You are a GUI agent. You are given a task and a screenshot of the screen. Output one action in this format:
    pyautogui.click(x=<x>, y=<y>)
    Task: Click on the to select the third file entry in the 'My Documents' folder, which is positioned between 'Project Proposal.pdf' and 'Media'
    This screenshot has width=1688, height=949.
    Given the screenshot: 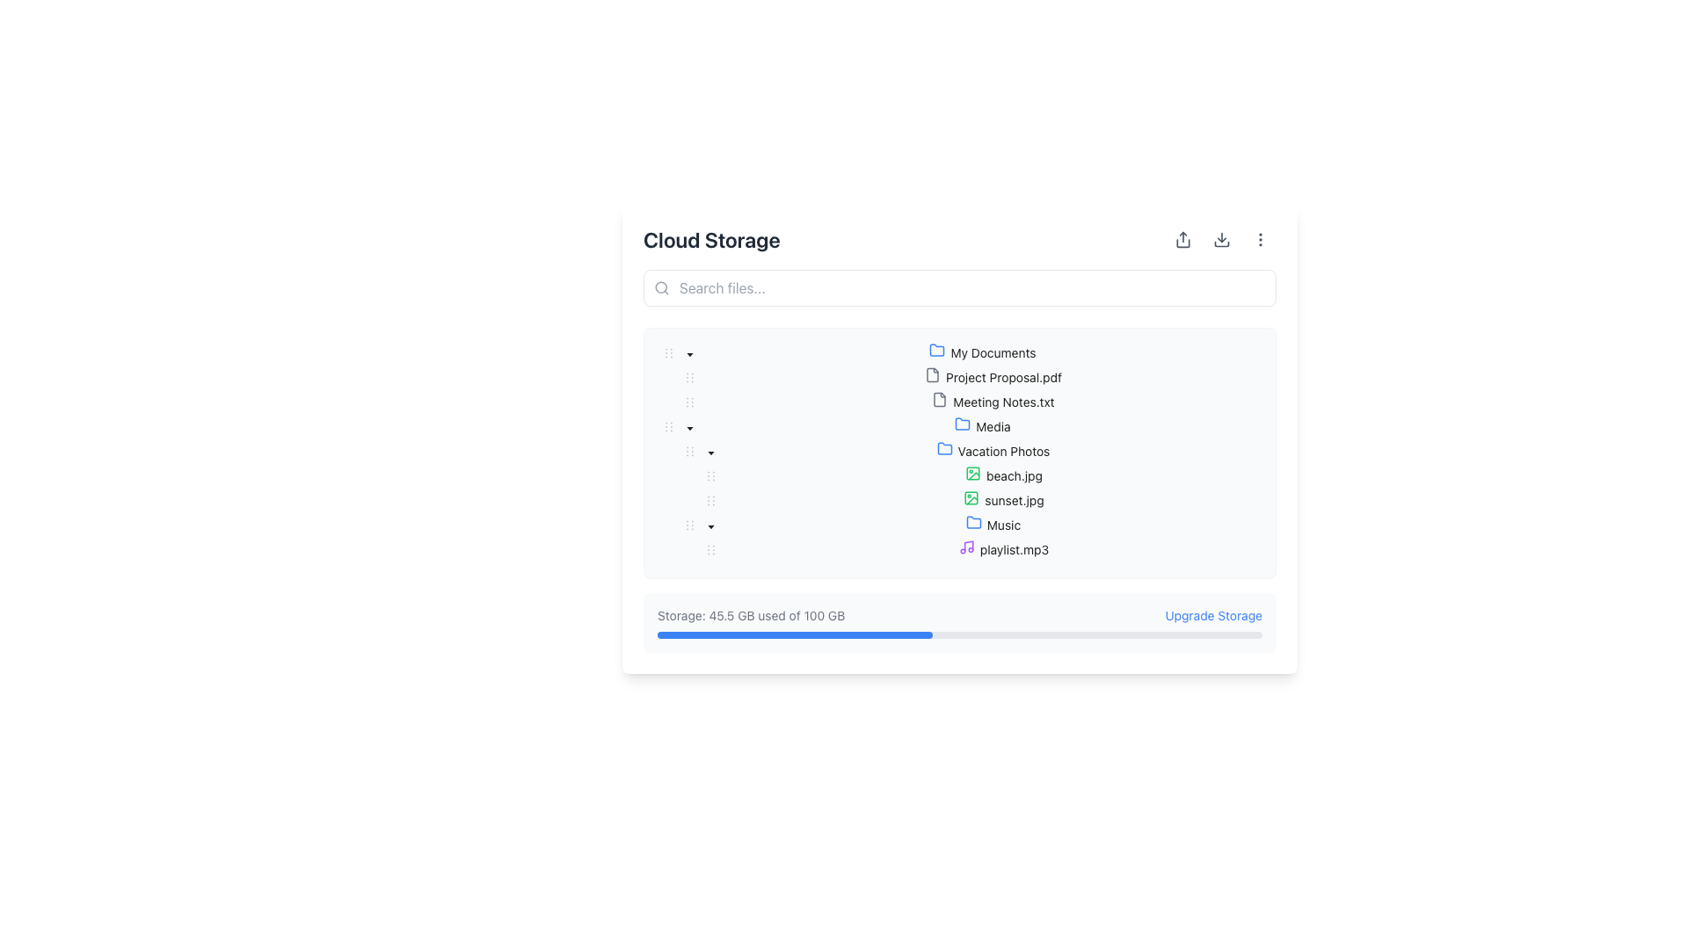 What is the action you would take?
    pyautogui.click(x=958, y=402)
    